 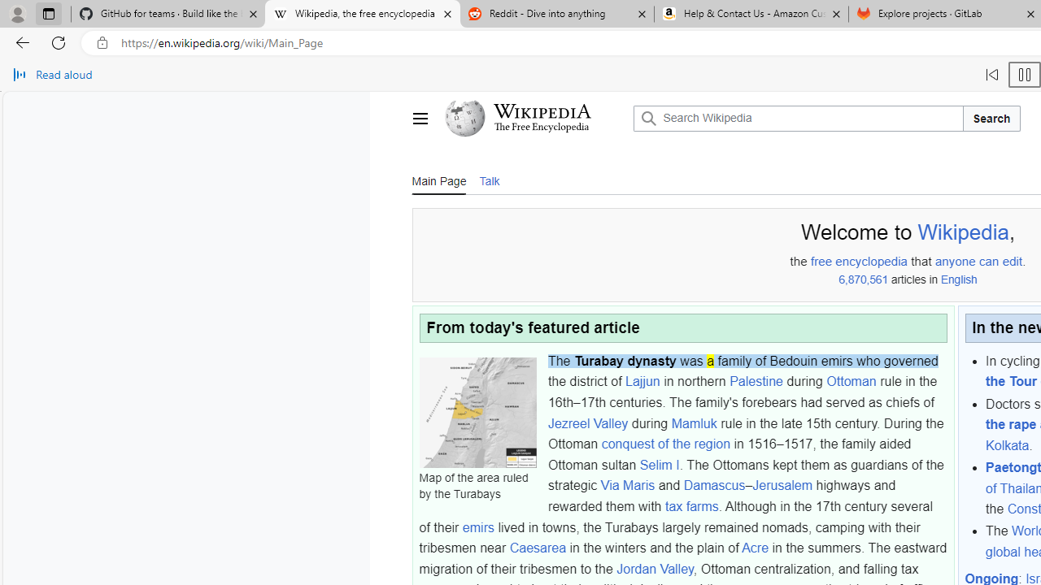 I want to click on 'anyone can edit', so click(x=978, y=261).